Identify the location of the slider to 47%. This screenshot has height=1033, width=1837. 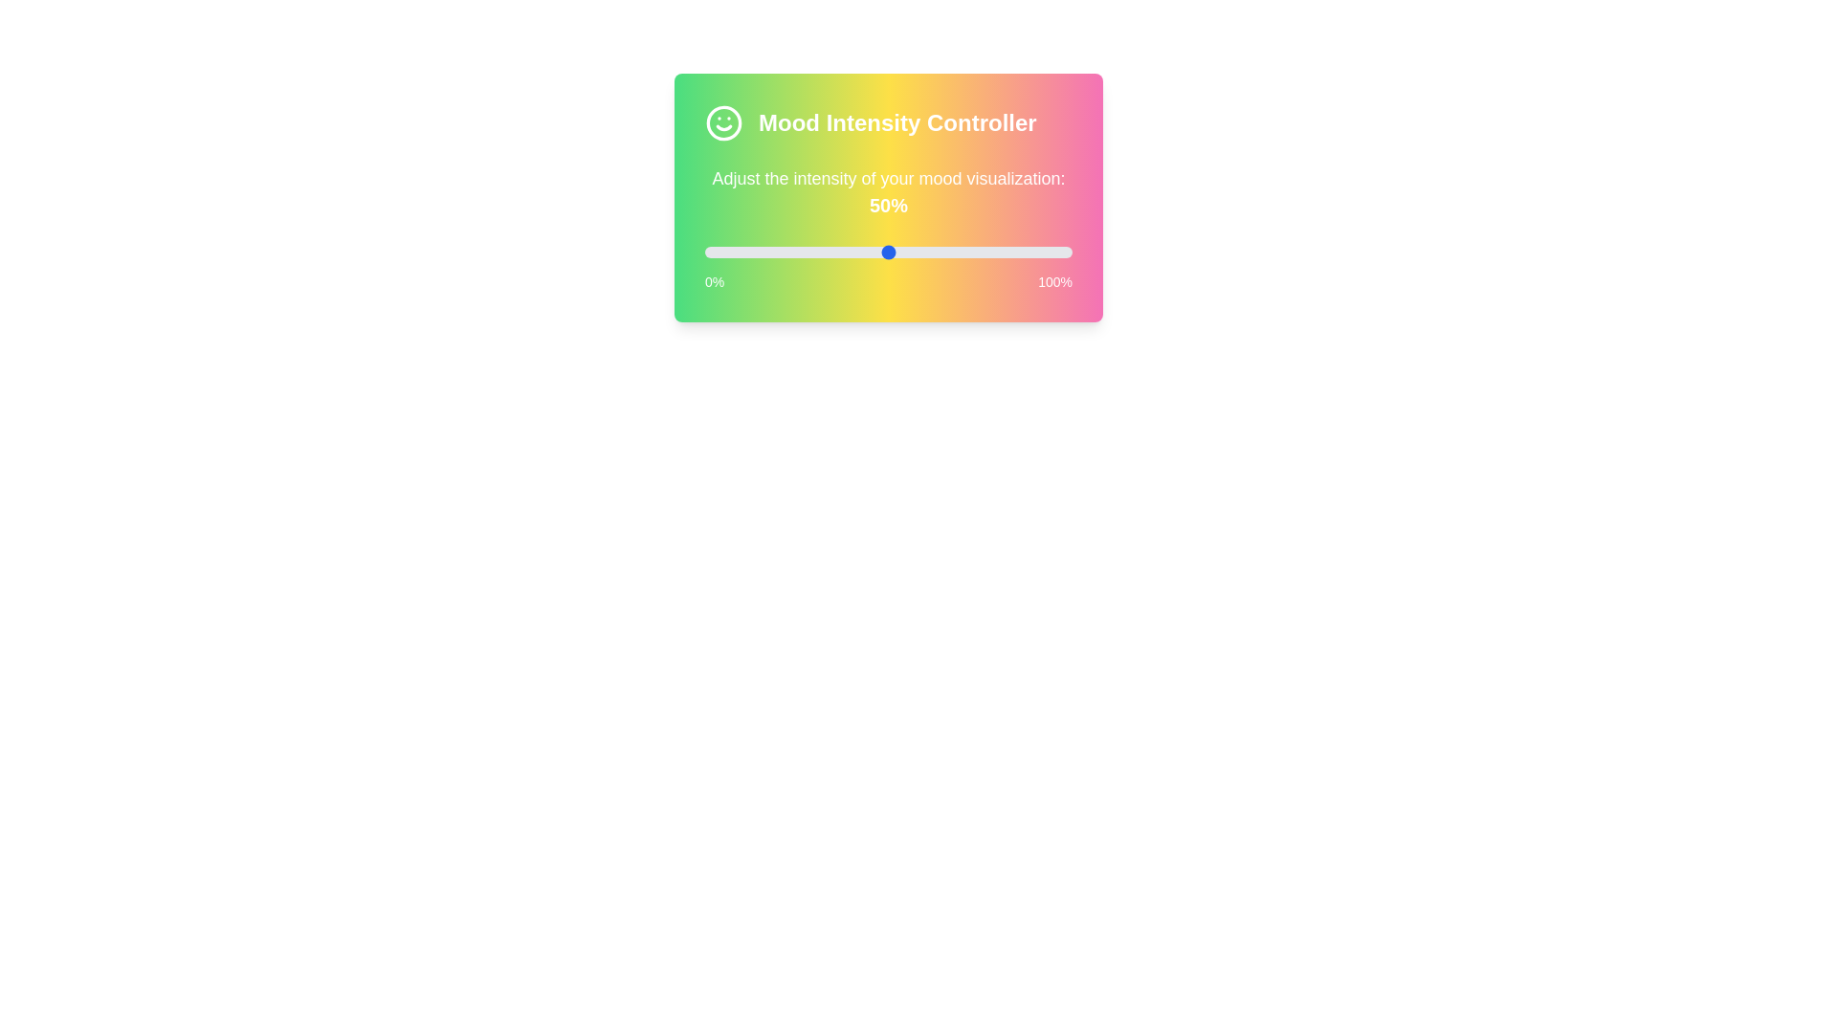
(876, 251).